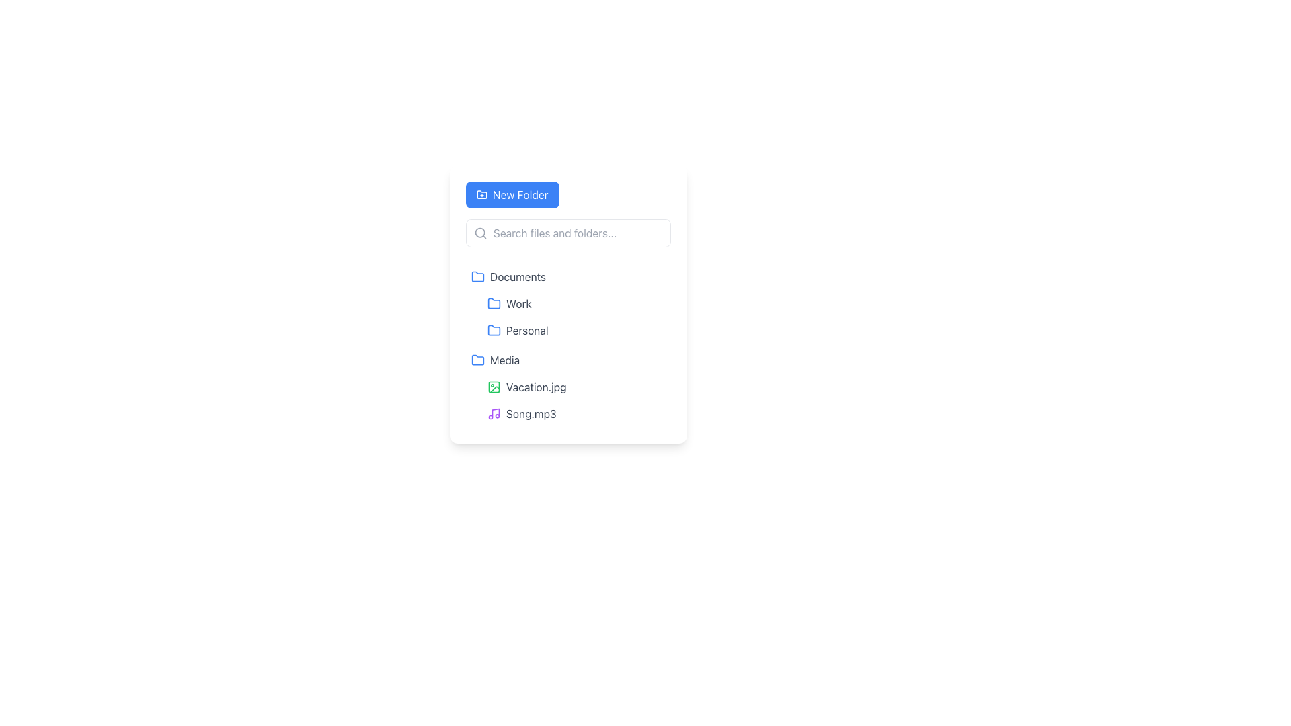  I want to click on the 'Personal' folder entry located under the 'Work' folder in the 'Documents' section, so click(576, 331).